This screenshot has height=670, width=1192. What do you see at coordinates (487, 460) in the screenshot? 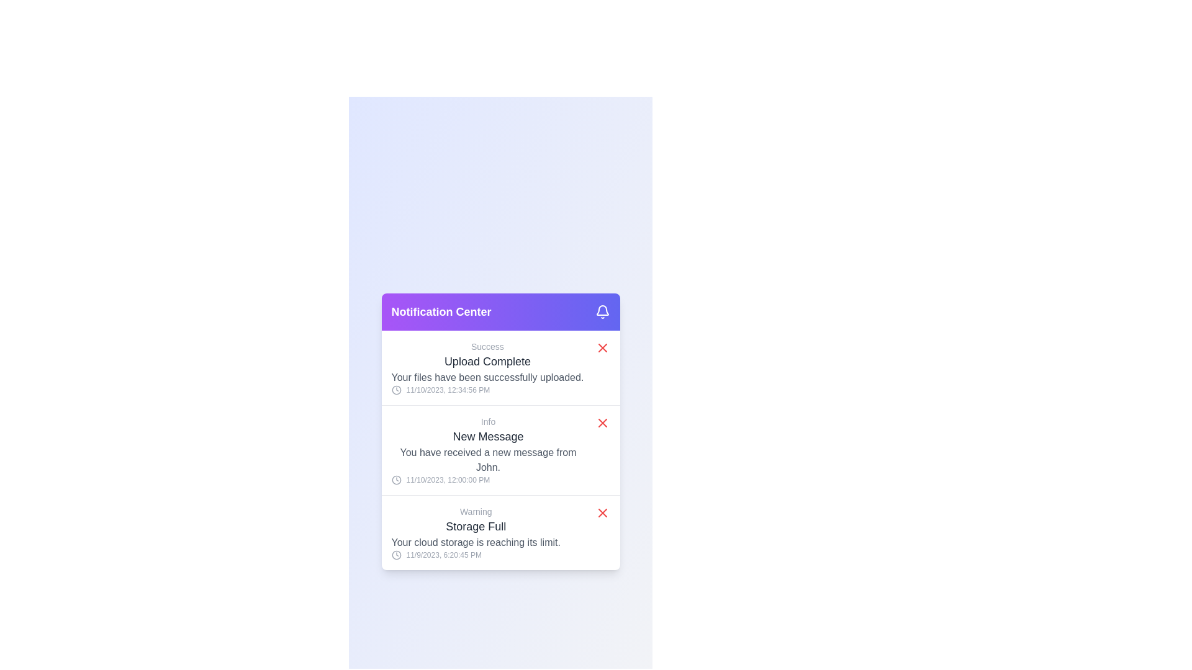
I see `the Text Display that informs the user about a recent activity, specifically a new message from John, located beneath the title 'New Message'` at bounding box center [487, 460].